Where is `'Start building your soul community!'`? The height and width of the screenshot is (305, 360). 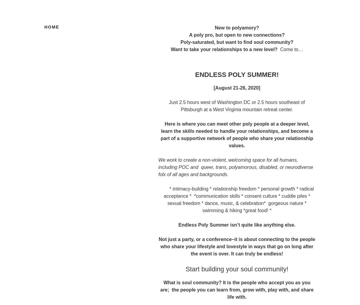
'Start building your soul community!' is located at coordinates (236, 269).